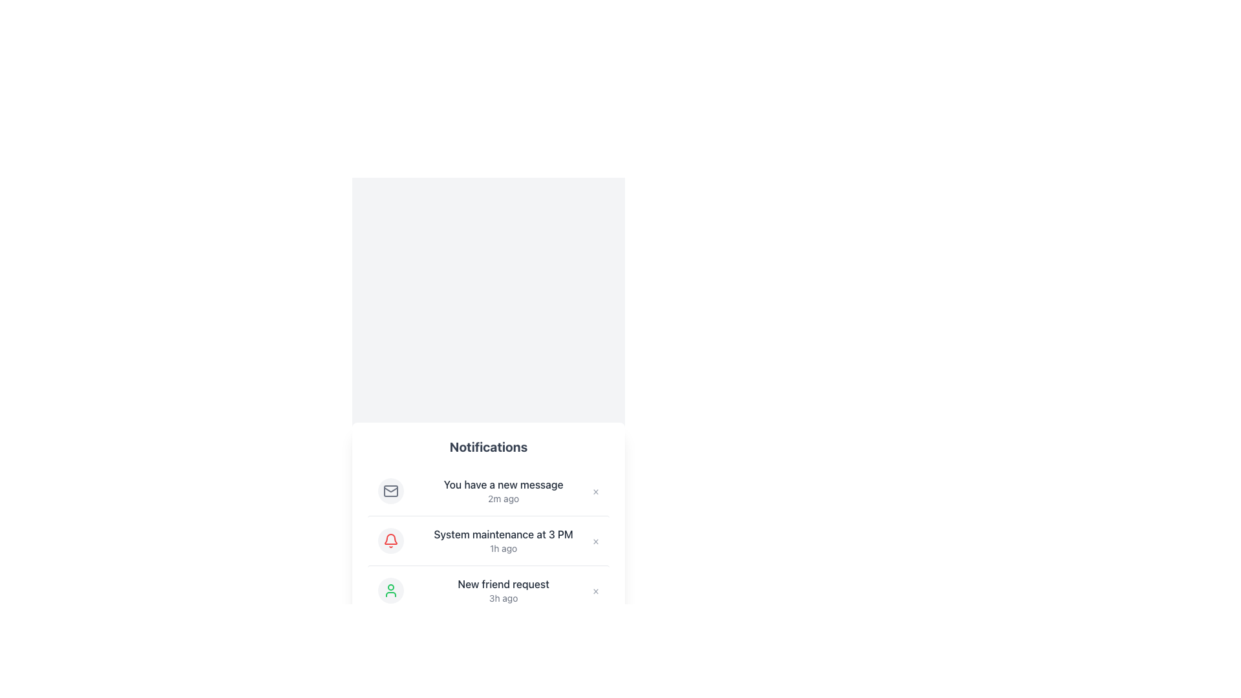  Describe the element at coordinates (390, 491) in the screenshot. I see `the graphical rectangle element that represents part of the email icon within the 'You have a new message' notification` at that location.